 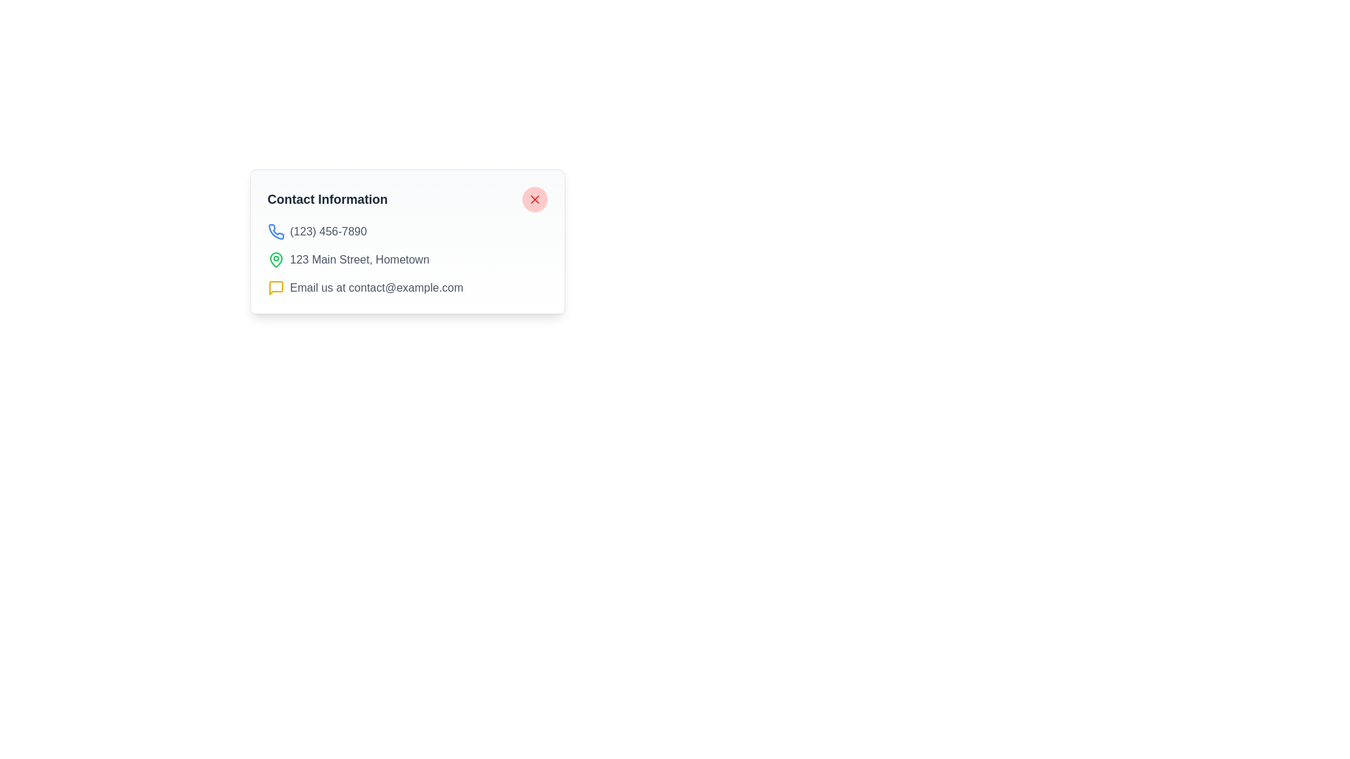 What do you see at coordinates (276, 231) in the screenshot?
I see `the blue phone icon located at the top left corner of the 'Contact Information' card, positioned left of the phone number '(123) 456-7890'` at bounding box center [276, 231].